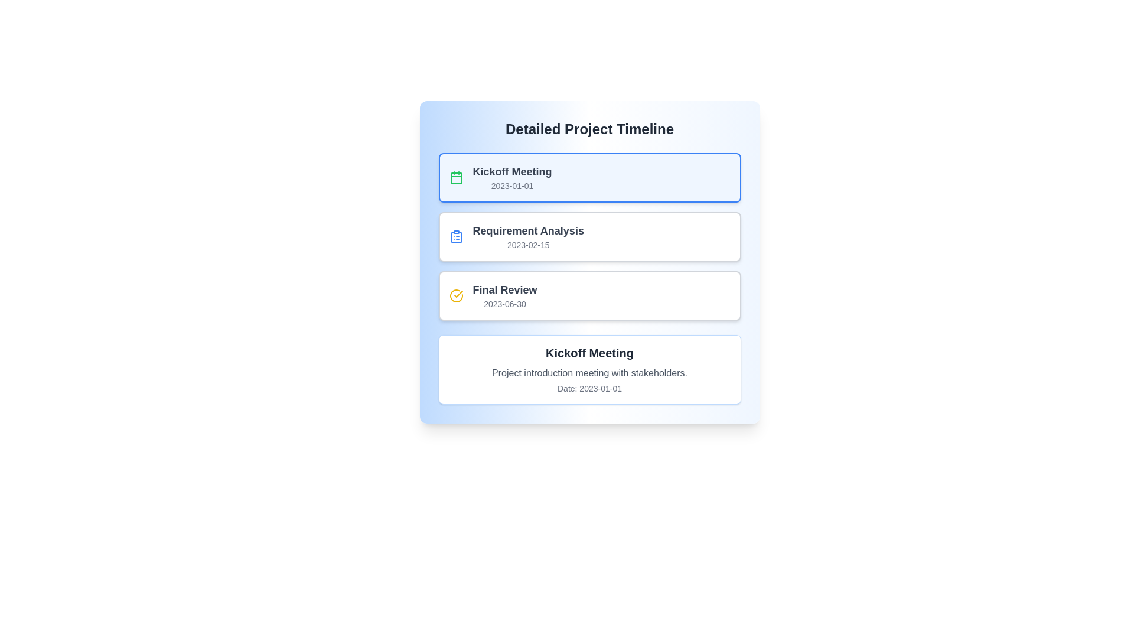  Describe the element at coordinates (589, 352) in the screenshot. I see `the 'Kickoff Meeting' text element, which is prominently displayed in bold, large-sized dark gray text within a white background` at that location.